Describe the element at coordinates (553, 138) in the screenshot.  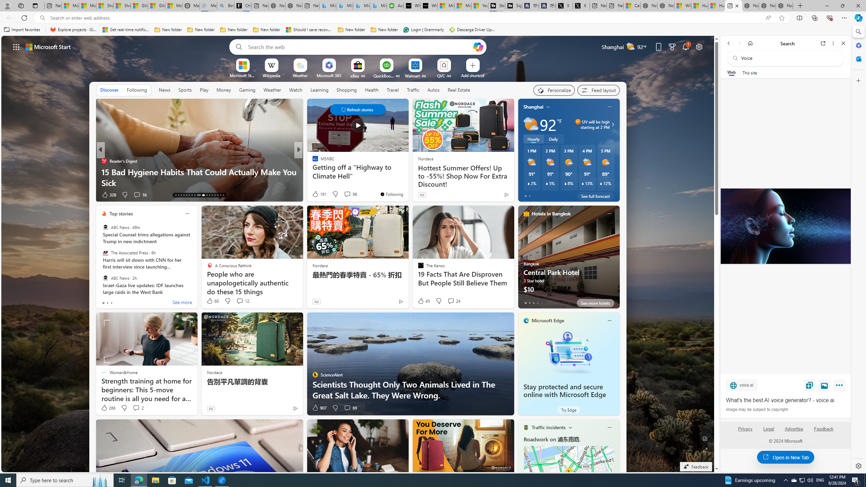
I see `'Daily'` at that location.